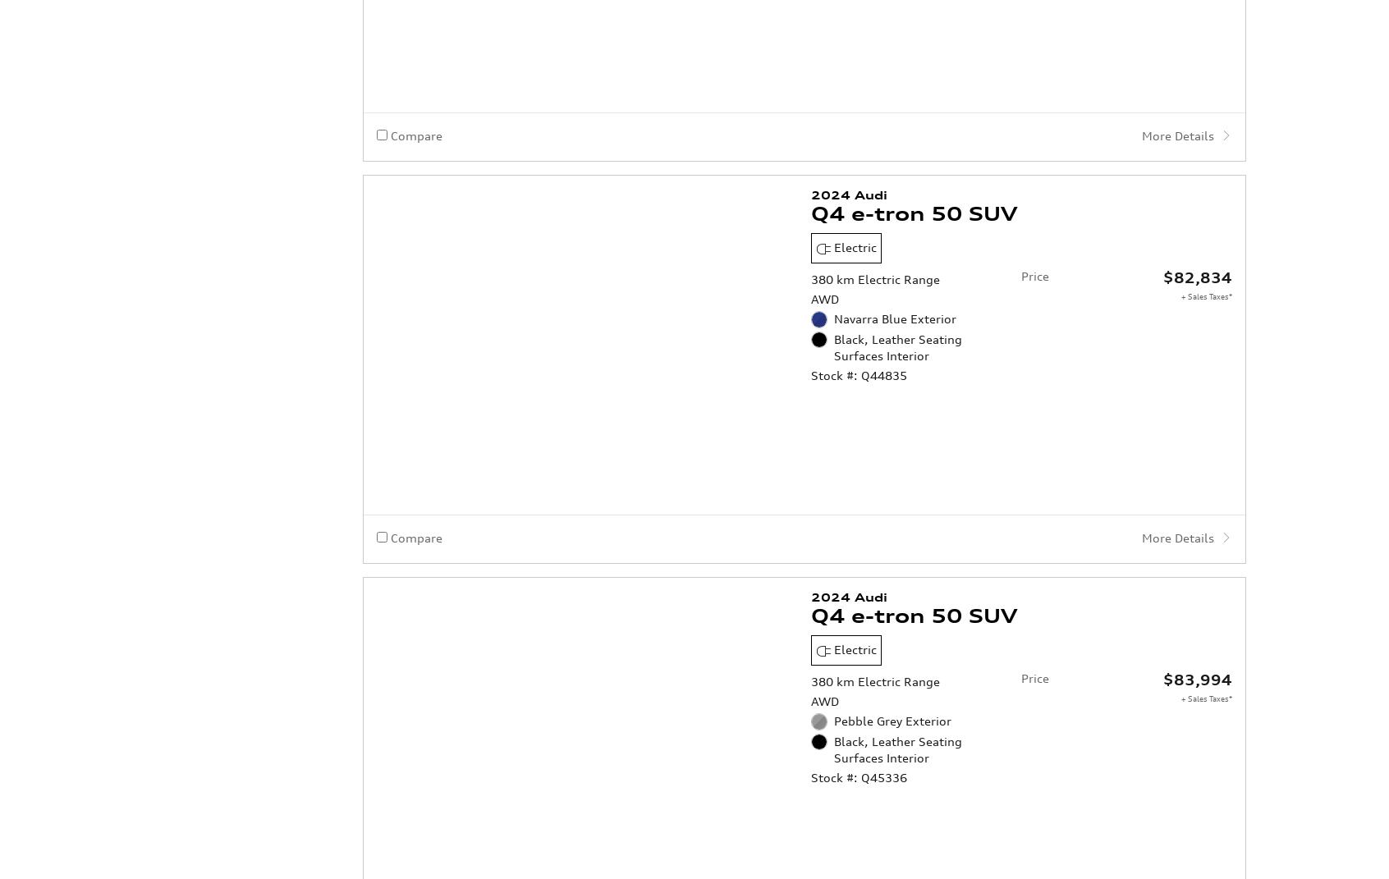 The width and height of the screenshot is (1389, 879). What do you see at coordinates (895, 185) in the screenshot?
I see `'Navarra Blue Exterior'` at bounding box center [895, 185].